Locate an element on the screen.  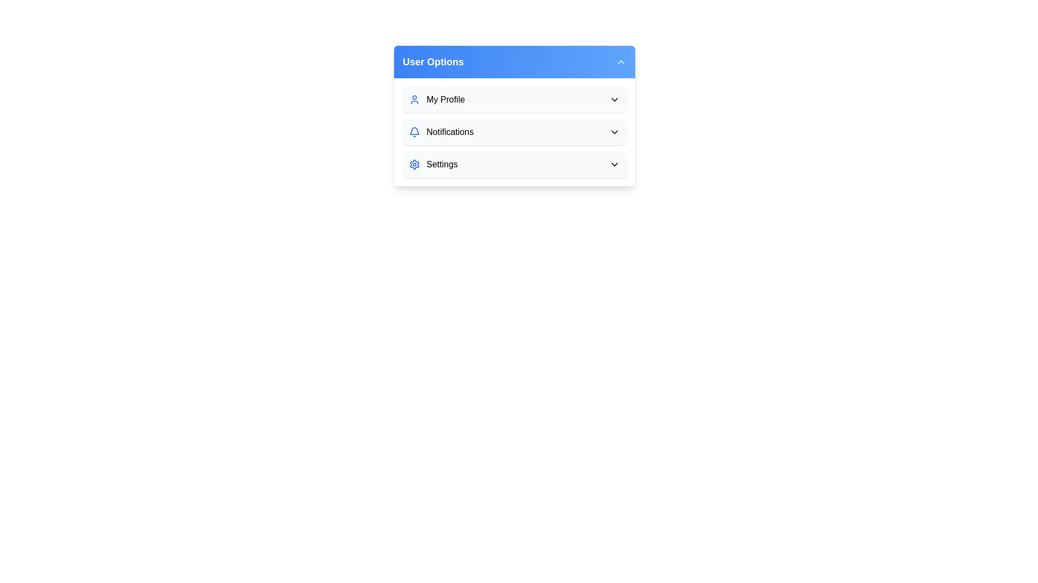
the toggle button, which is a small upwards-pointing chevron icon located in the top-right corner of the blue header bar labeled 'User Options' is located at coordinates (621, 62).